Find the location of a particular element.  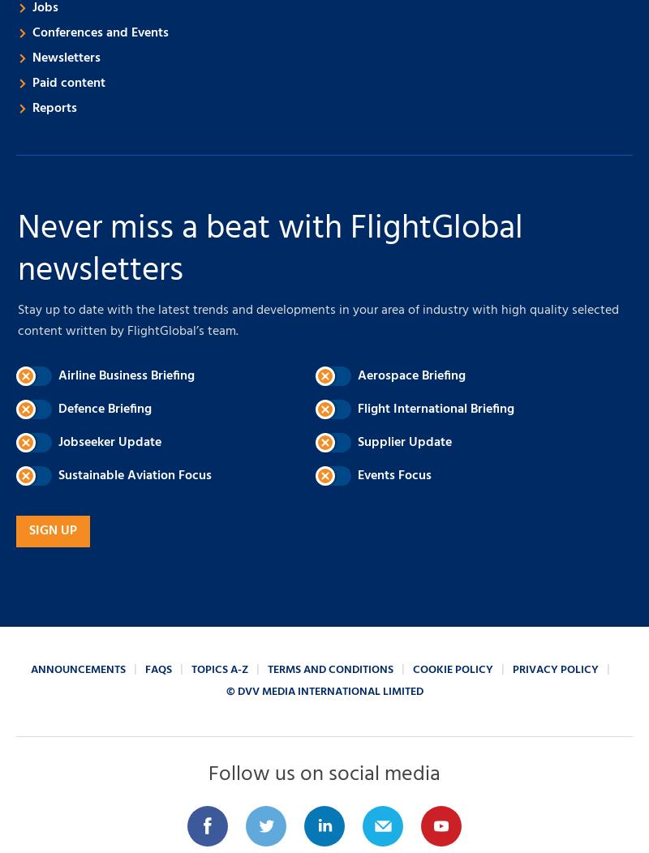

'Privacy policy' is located at coordinates (513, 670).